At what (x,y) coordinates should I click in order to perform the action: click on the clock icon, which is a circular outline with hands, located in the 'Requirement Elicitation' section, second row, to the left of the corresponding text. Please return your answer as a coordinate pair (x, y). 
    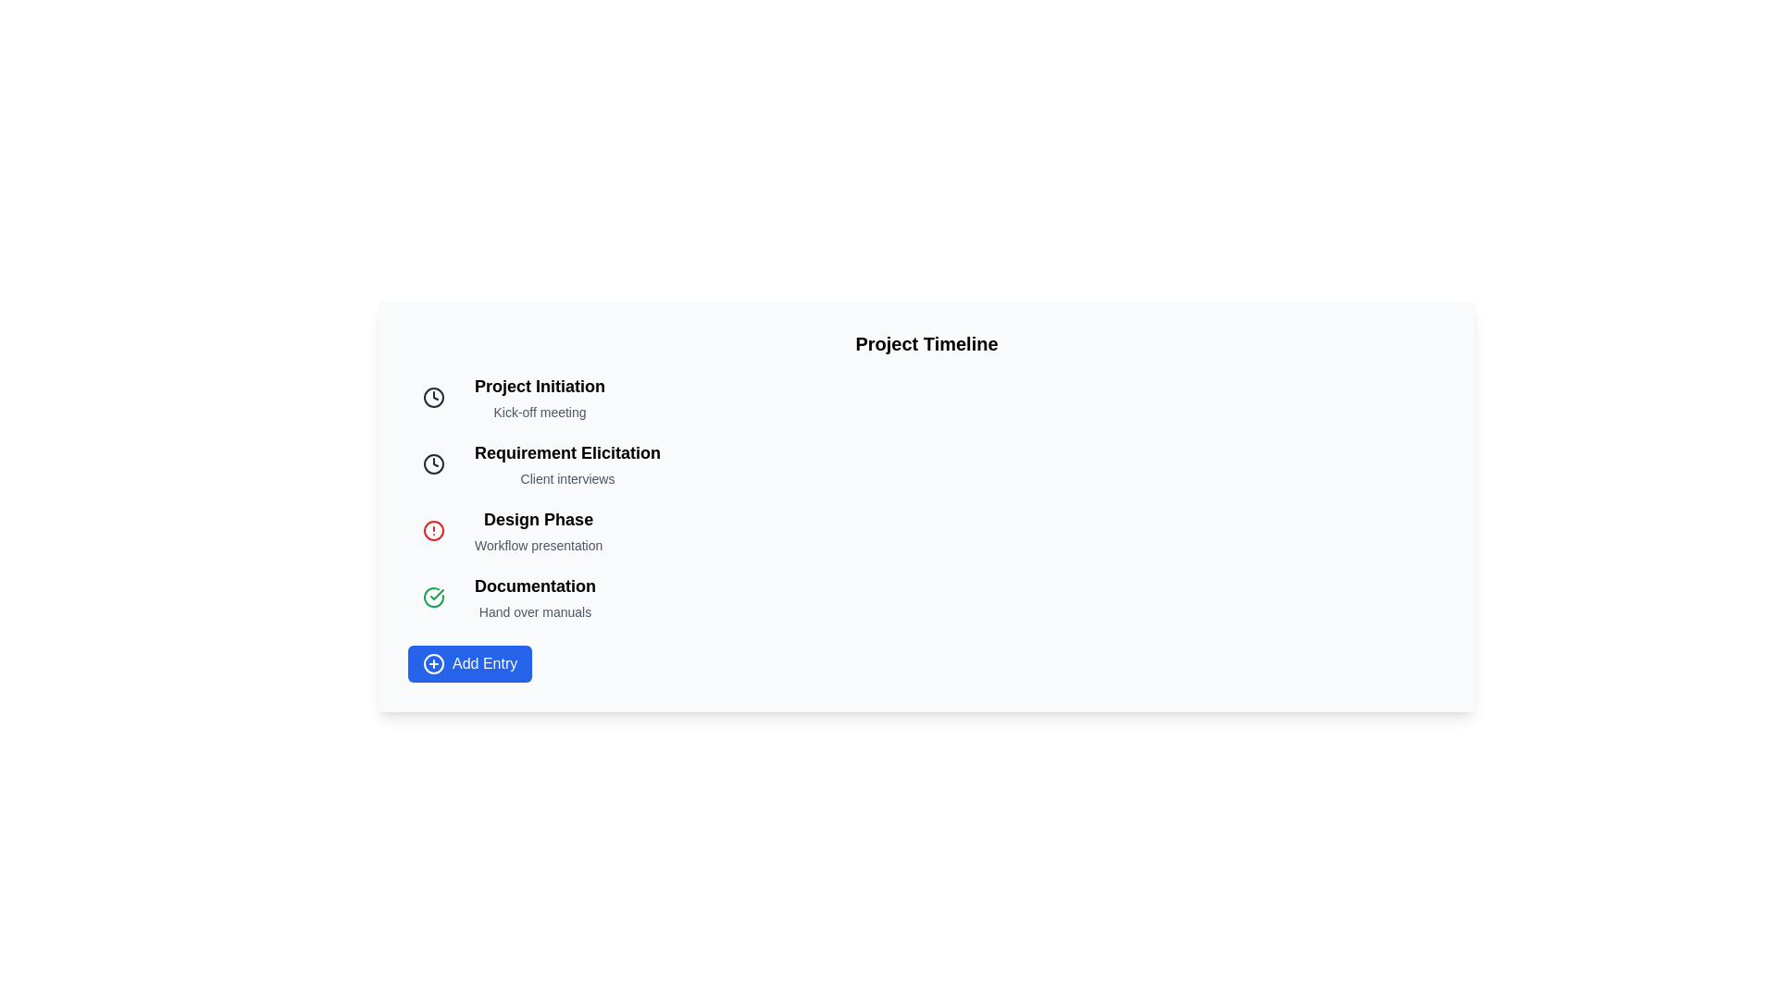
    Looking at the image, I should click on (433, 396).